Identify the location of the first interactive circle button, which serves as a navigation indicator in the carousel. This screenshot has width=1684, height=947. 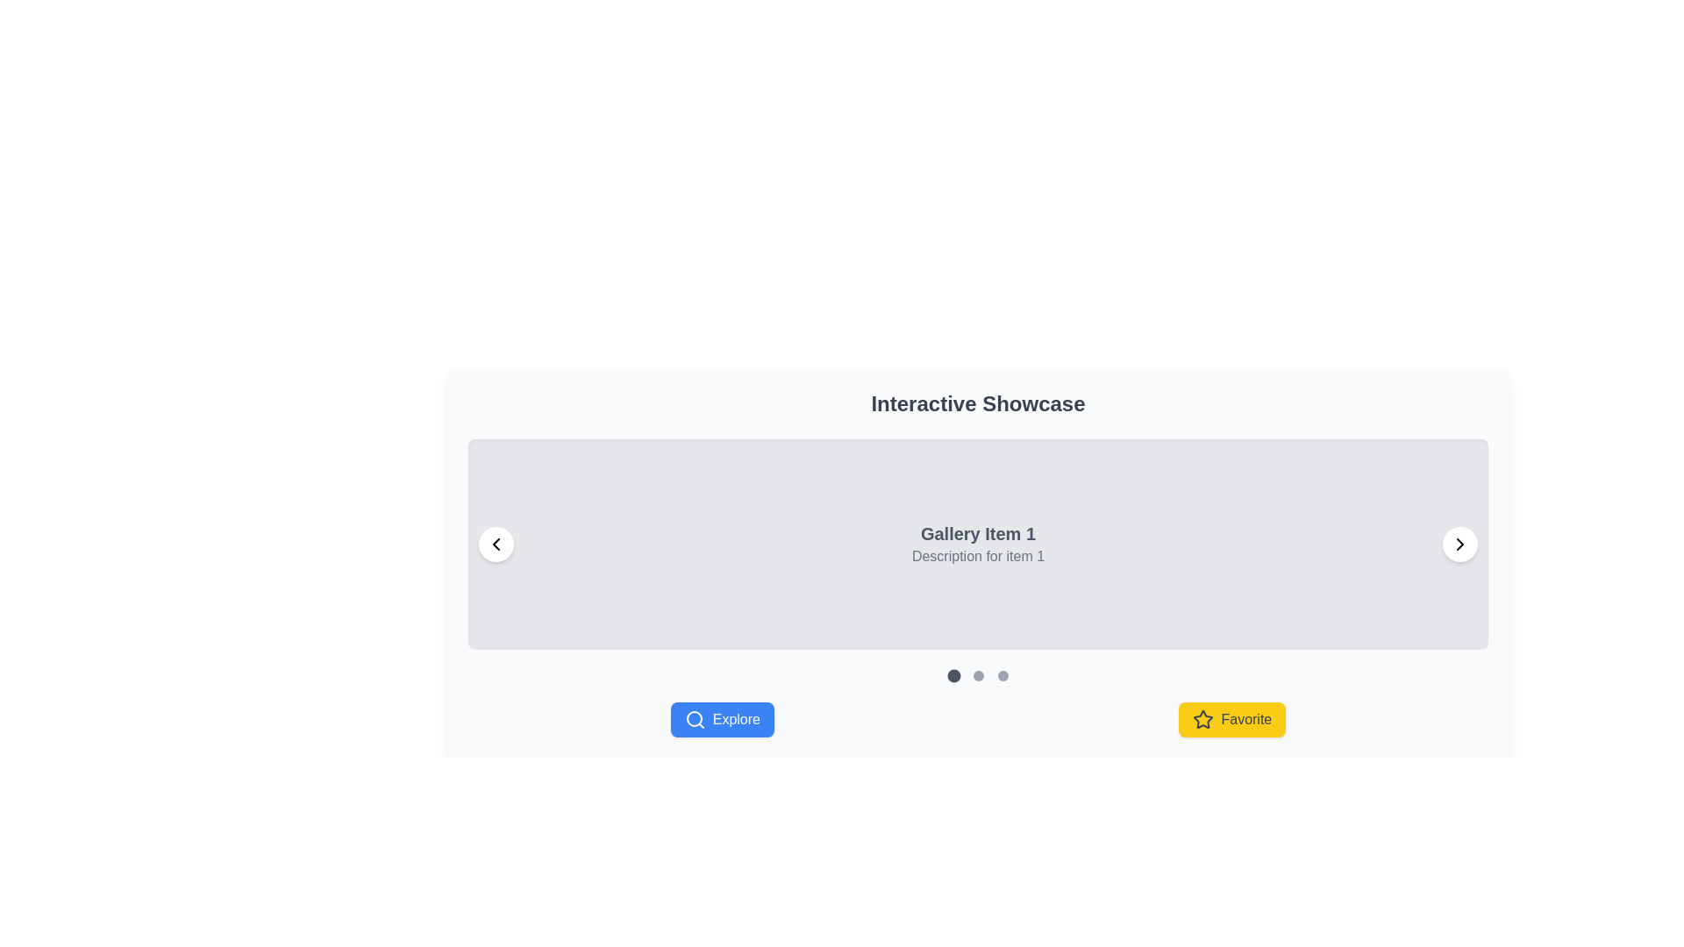
(953, 675).